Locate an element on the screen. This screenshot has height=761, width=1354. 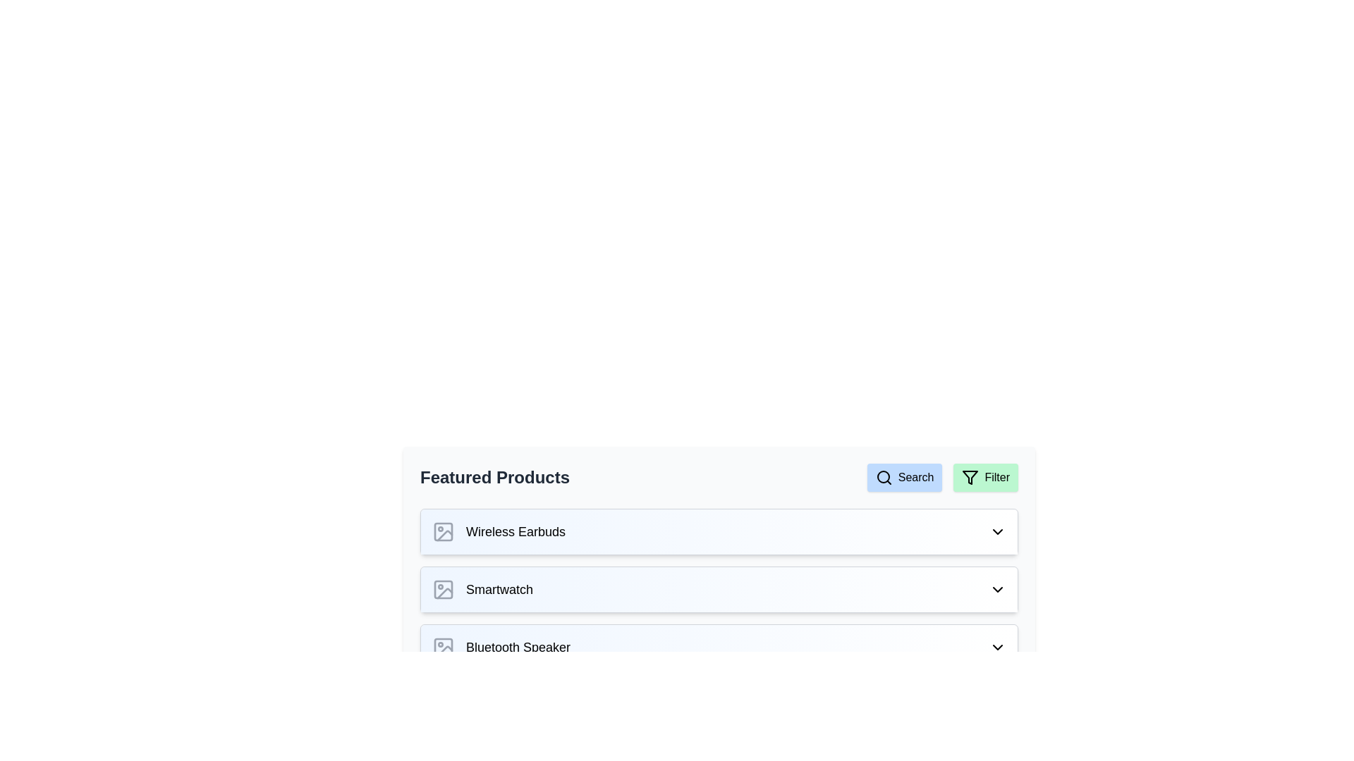
the 'Wireless Earbuds' text label, which is the first entry in a list of selectable products is located at coordinates (499, 532).